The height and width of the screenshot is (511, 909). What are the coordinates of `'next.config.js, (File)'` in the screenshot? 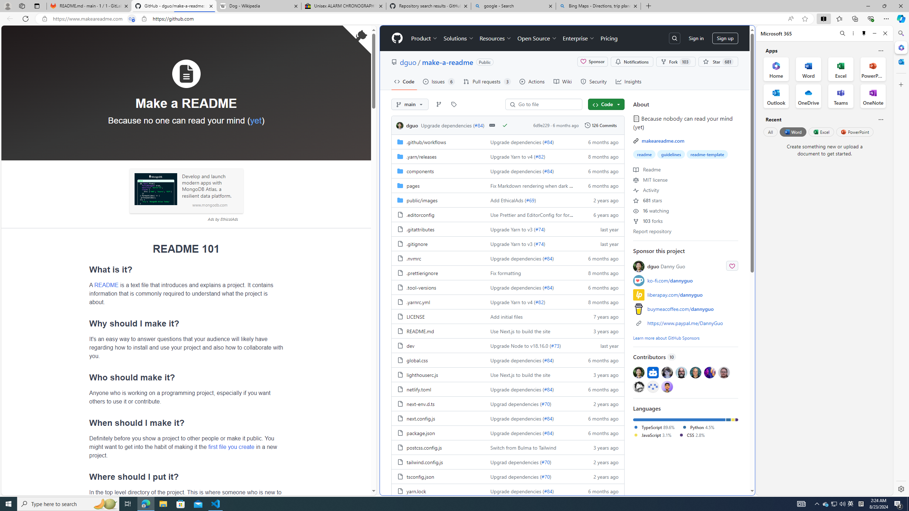 It's located at (421, 418).